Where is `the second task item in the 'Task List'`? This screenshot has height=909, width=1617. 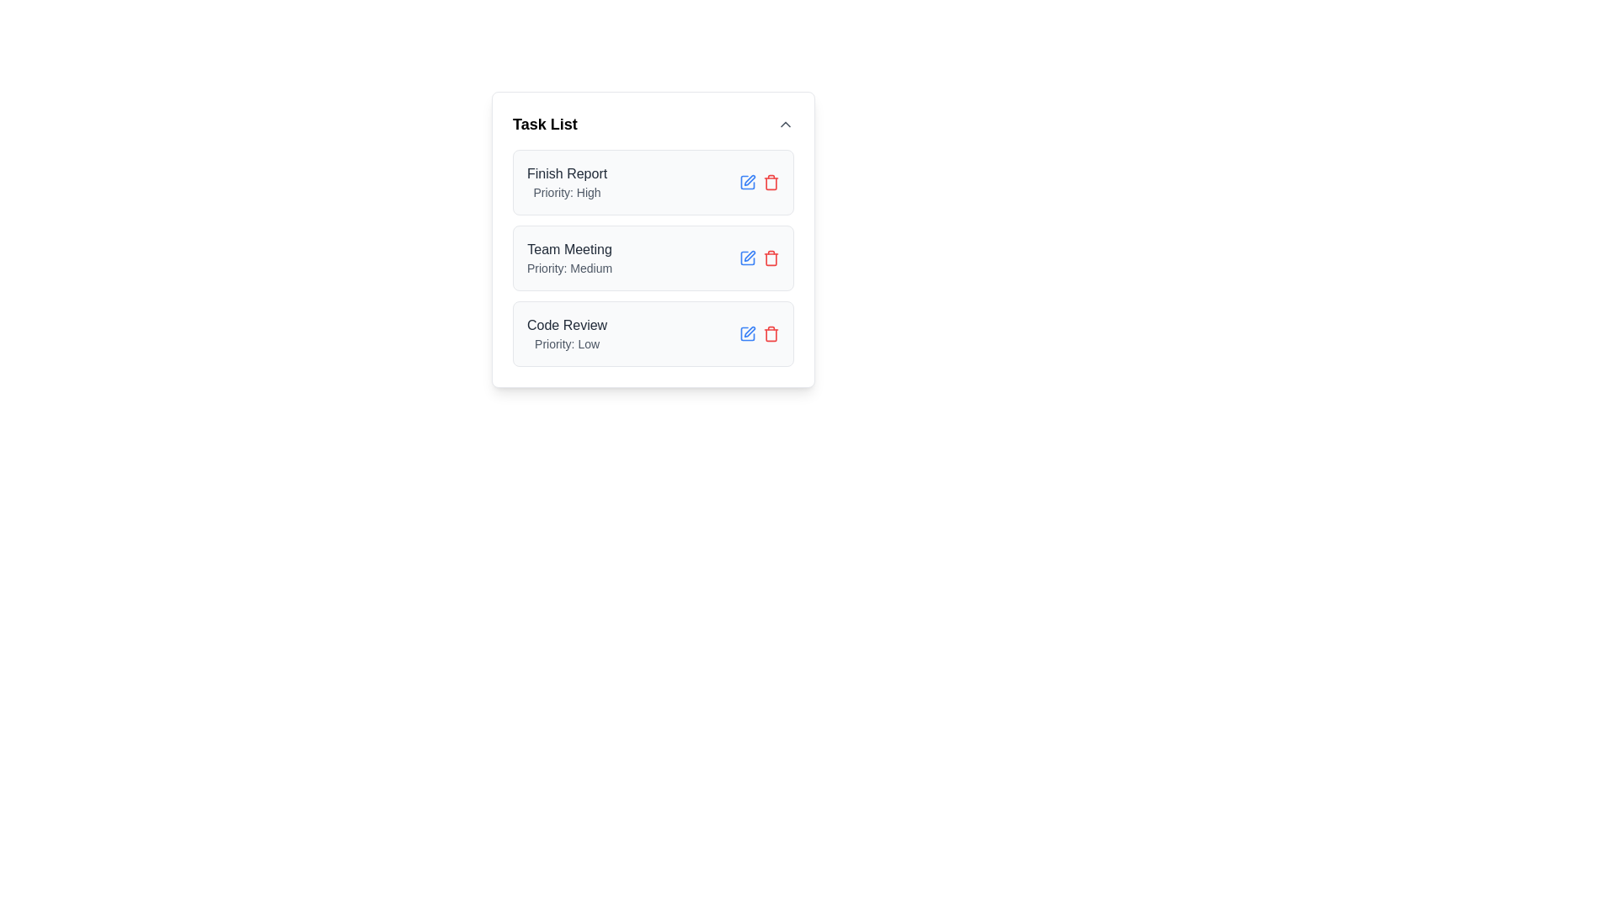 the second task item in the 'Task List' is located at coordinates (653, 240).